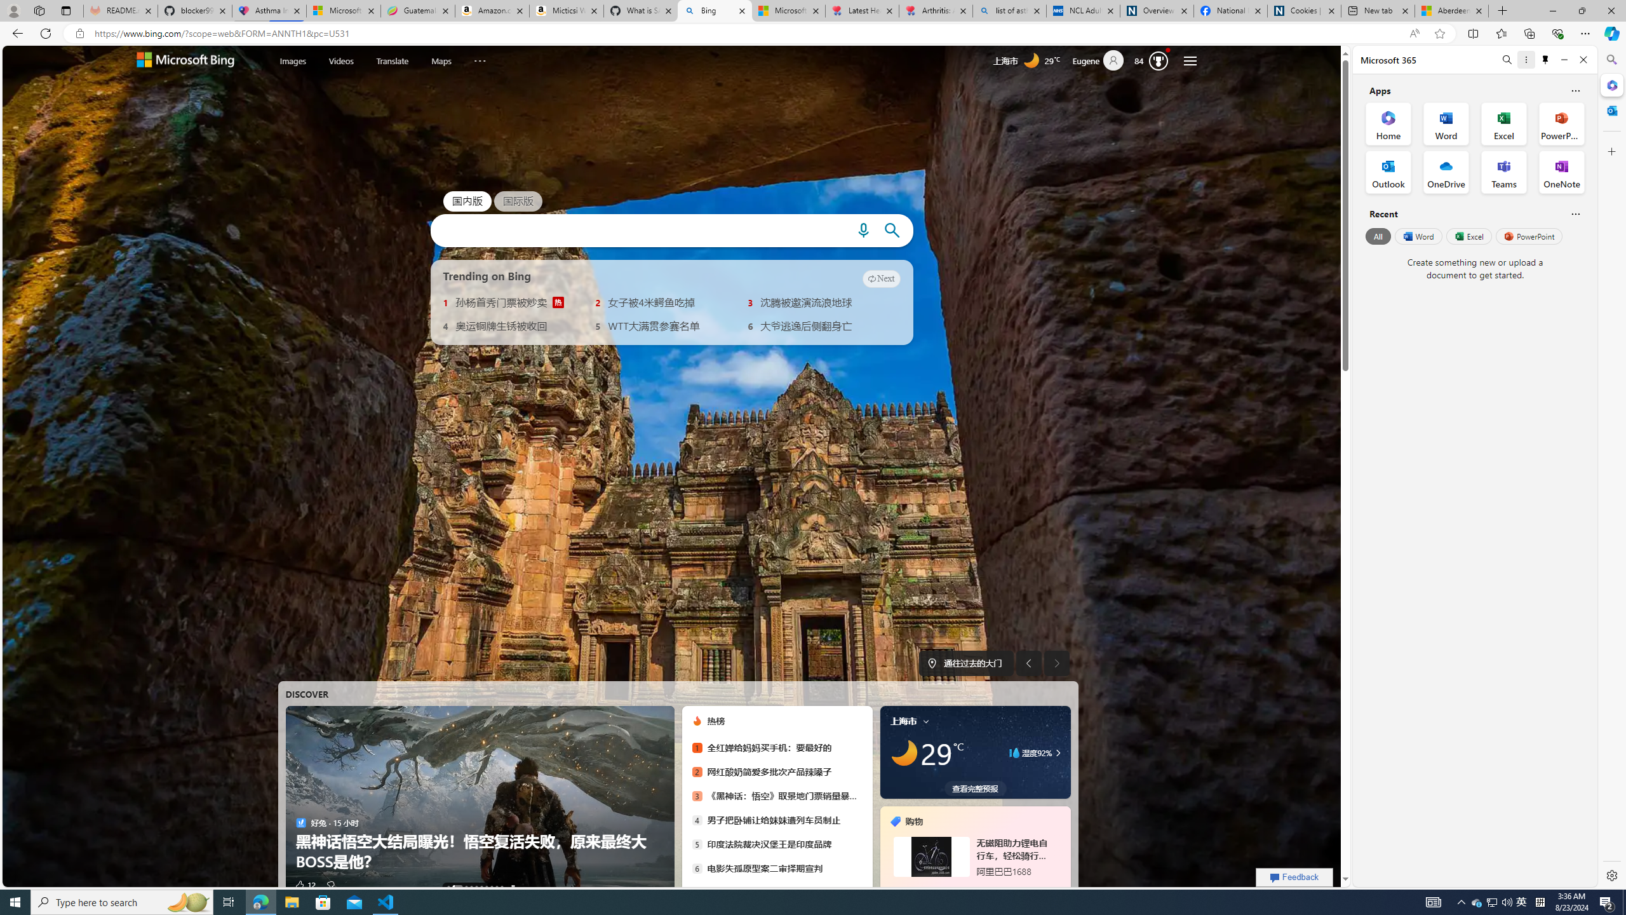  What do you see at coordinates (1154, 60) in the screenshot?
I see `'Microsoft Rewards 84'` at bounding box center [1154, 60].